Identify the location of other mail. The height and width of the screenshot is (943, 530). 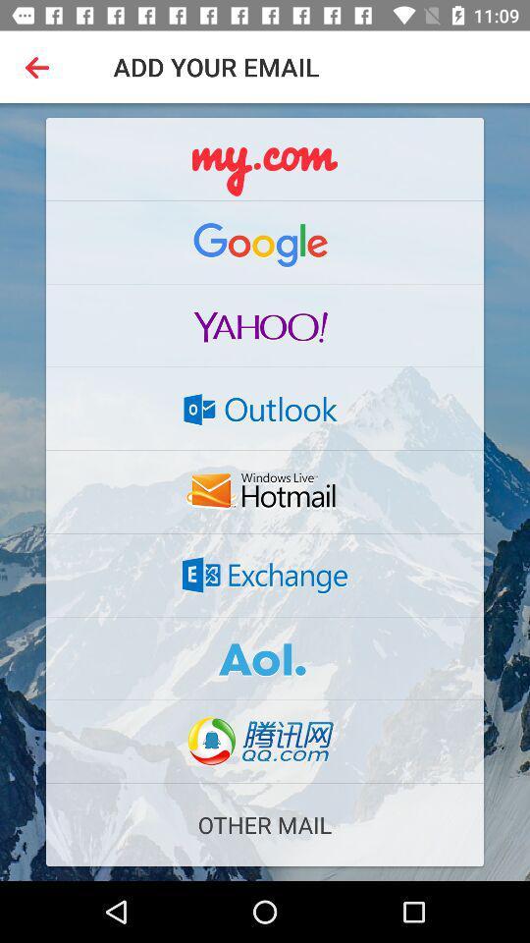
(265, 825).